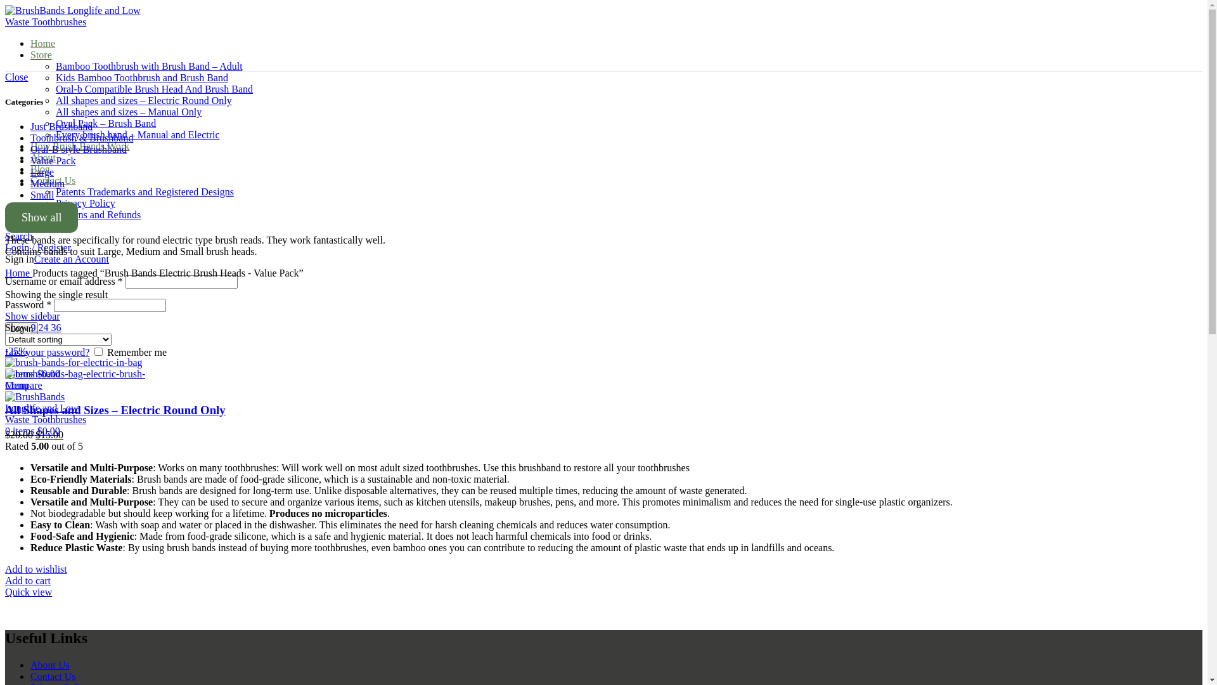 The height and width of the screenshot is (685, 1217). I want to click on 'Log in', so click(21, 328).